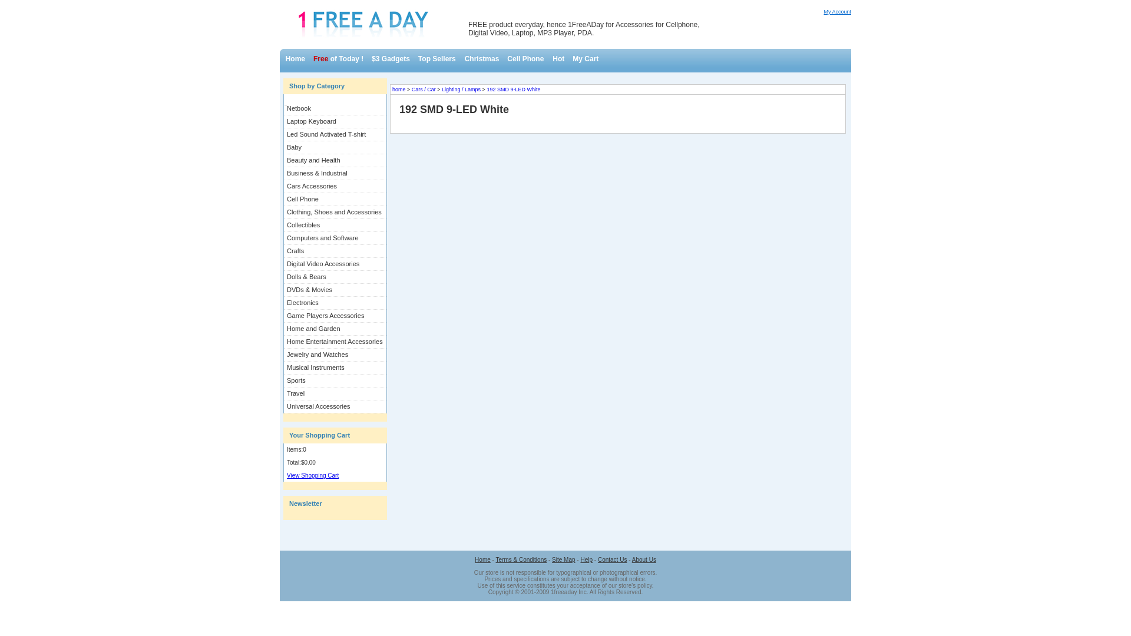 This screenshot has width=1131, height=636. Describe the element at coordinates (336, 121) in the screenshot. I see `'Laptop Keyboard'` at that location.